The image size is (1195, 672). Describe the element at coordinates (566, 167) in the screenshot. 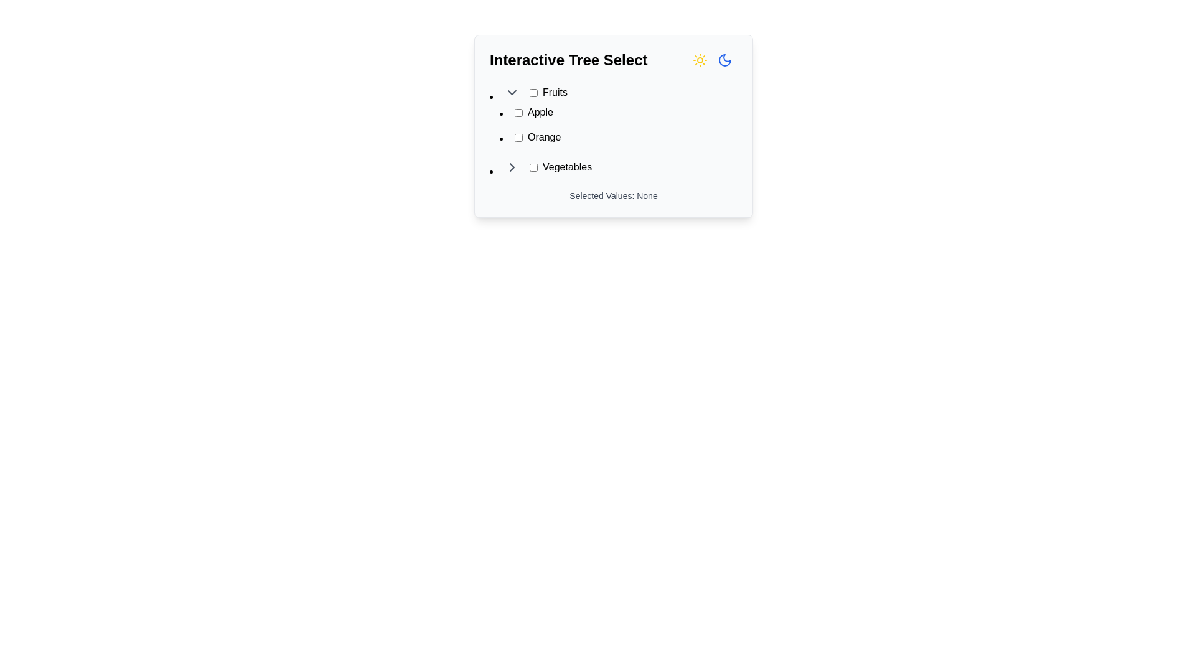

I see `the 'Vegetables' static text label in the Interactive Tree Select section` at that location.